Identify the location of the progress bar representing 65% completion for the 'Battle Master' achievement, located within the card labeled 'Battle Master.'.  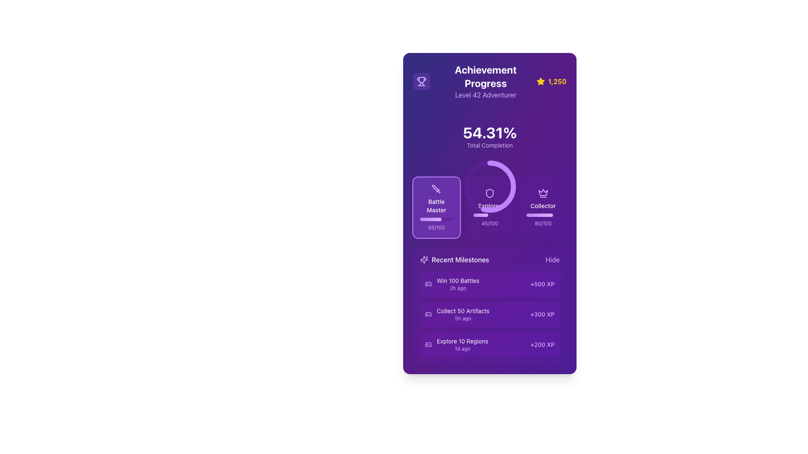
(431, 219).